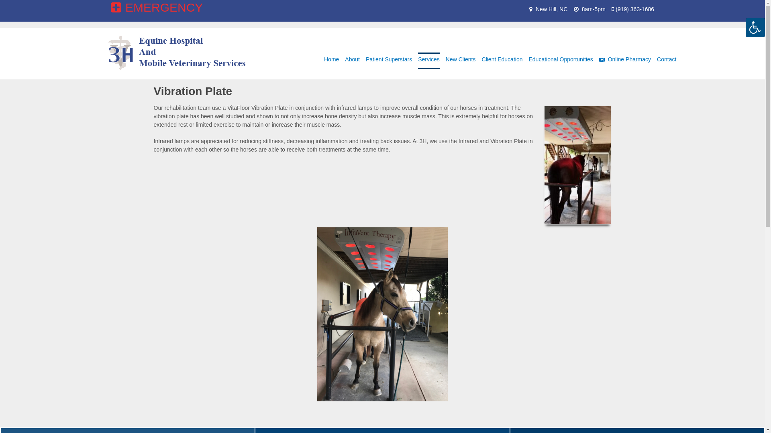 The width and height of the screenshot is (771, 433). I want to click on 'EMERGENCY', so click(110, 7).